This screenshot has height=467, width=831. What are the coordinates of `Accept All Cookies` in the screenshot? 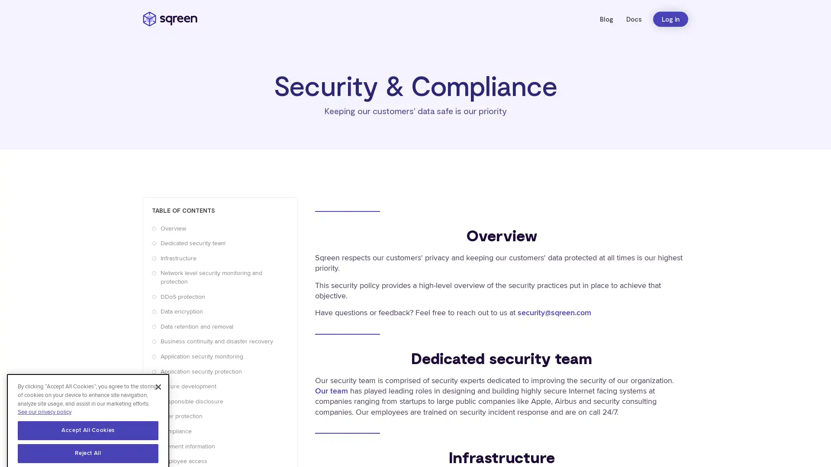 It's located at (88, 411).